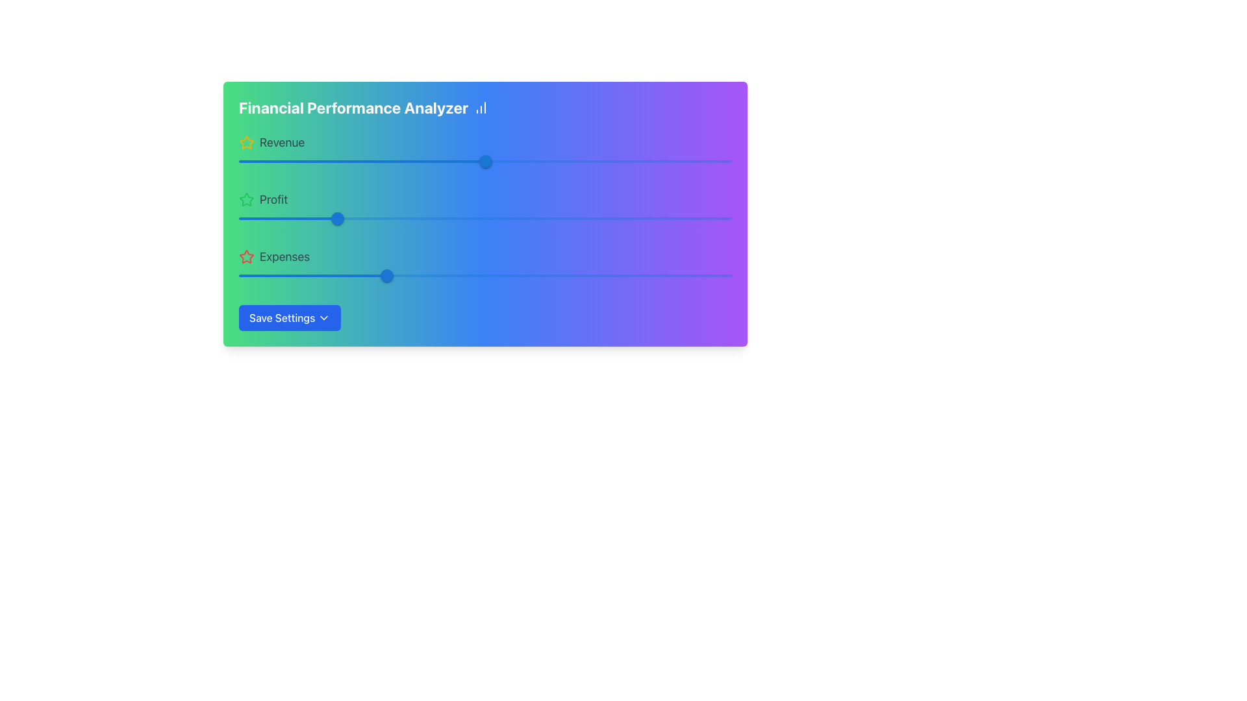 The width and height of the screenshot is (1247, 701). What do you see at coordinates (672, 161) in the screenshot?
I see `the Revenue slider` at bounding box center [672, 161].